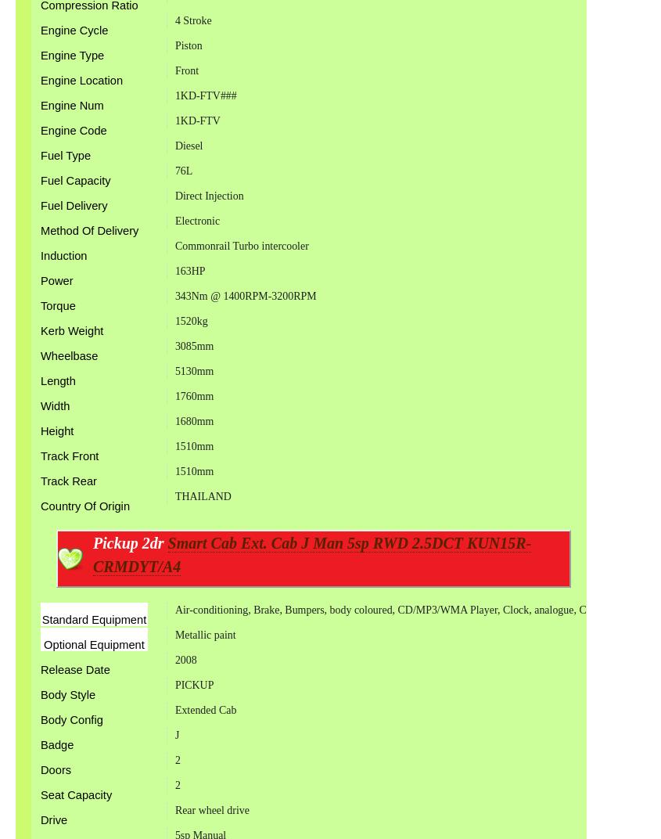  What do you see at coordinates (205, 633) in the screenshot?
I see `'Metallic paint'` at bounding box center [205, 633].